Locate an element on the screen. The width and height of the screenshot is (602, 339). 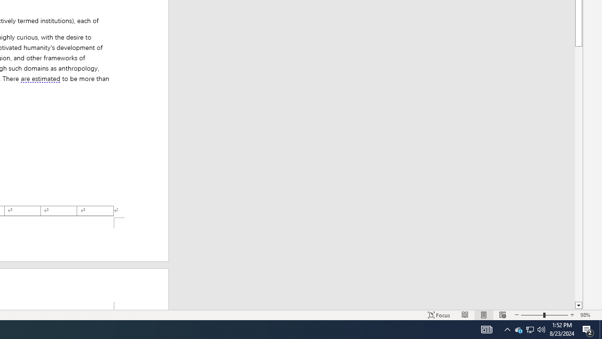
'Print Layout' is located at coordinates (484, 315).